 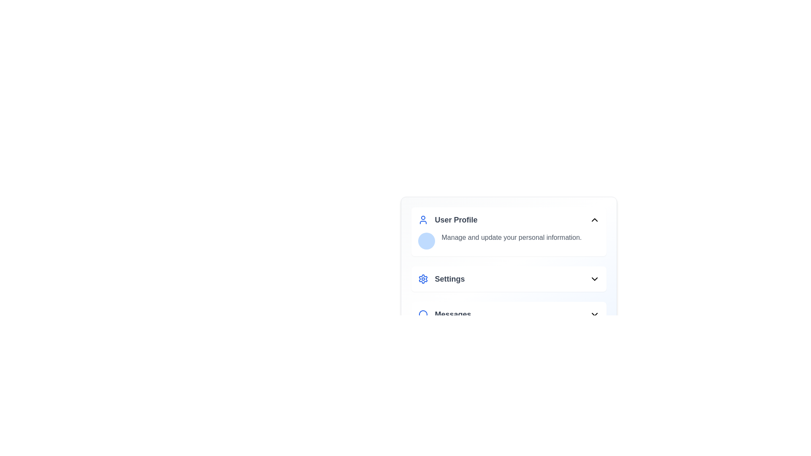 I want to click on the blue gear icon that symbolizes settings, located to the left of the 'Settings' text, so click(x=423, y=279).